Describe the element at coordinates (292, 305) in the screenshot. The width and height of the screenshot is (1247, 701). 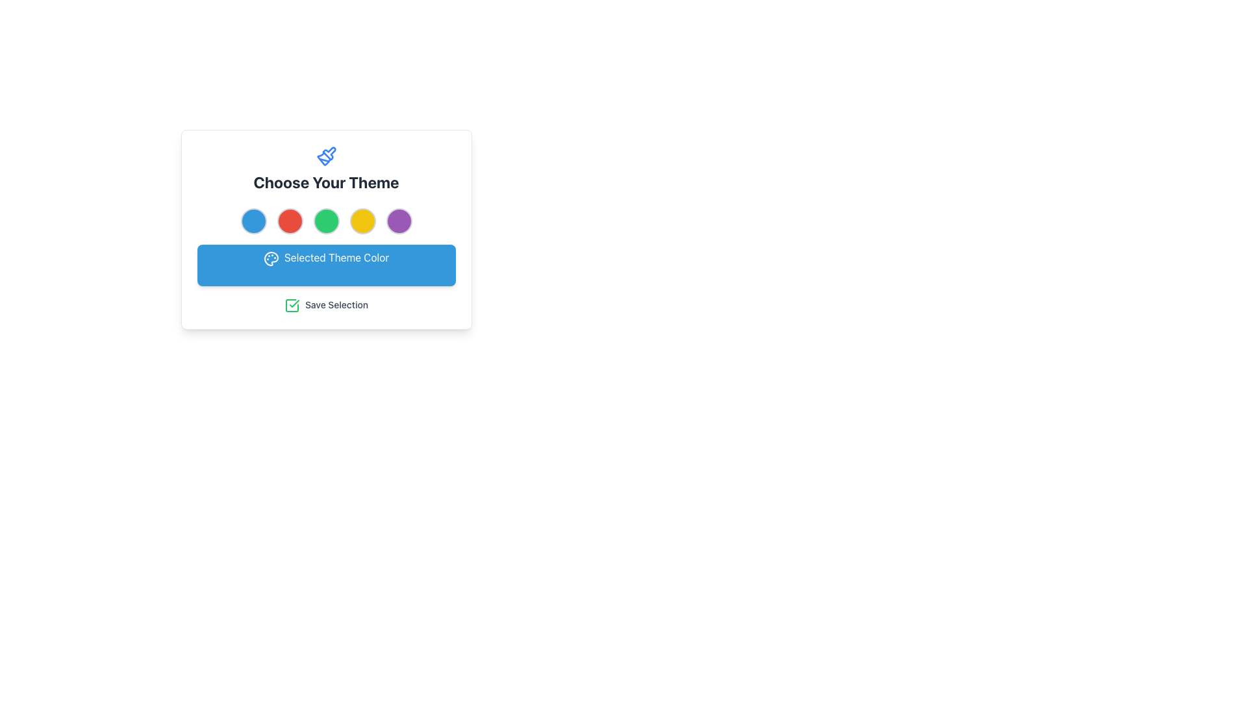
I see `the confirmation icon representing the 'Save Selection' functionality, which is located to the left of the text 'Save Selection' at the bottom of the user interface card` at that location.